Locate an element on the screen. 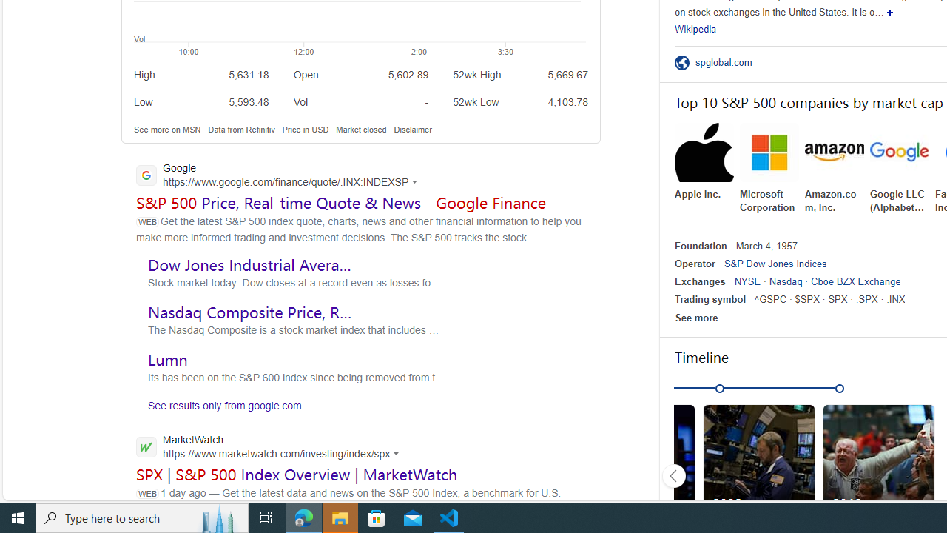  'Operator' is located at coordinates (693, 263).